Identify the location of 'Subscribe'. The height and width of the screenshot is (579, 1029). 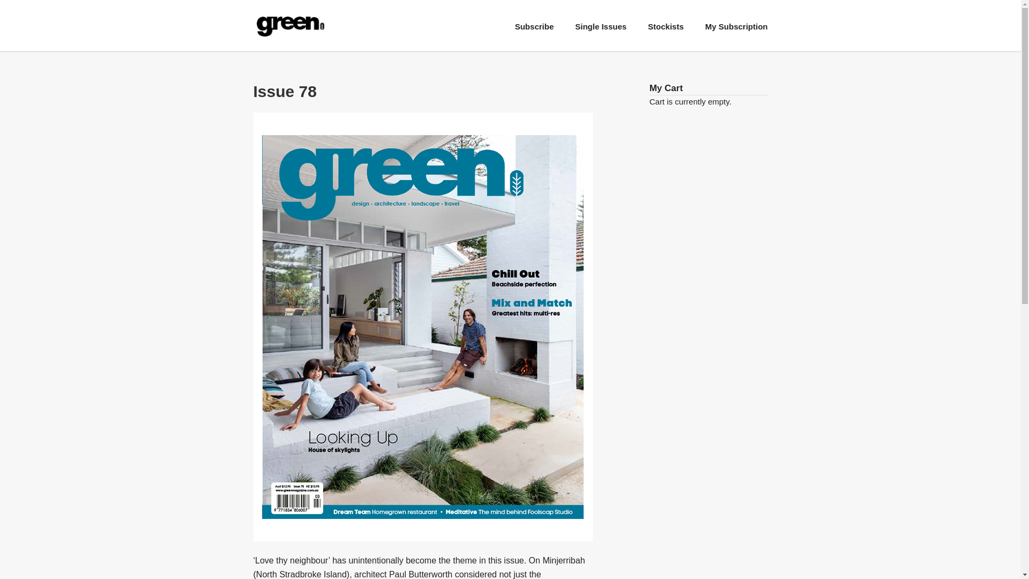
(534, 26).